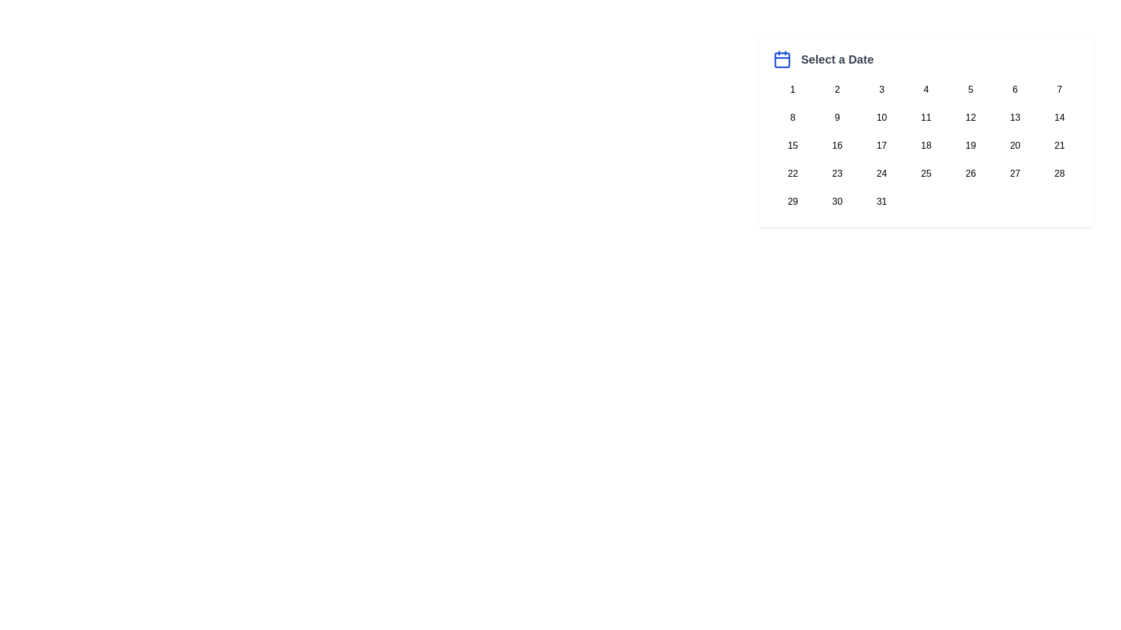 This screenshot has width=1121, height=630. I want to click on the selectable date in the grid displayed under the header 'Select a Date', so click(925, 145).